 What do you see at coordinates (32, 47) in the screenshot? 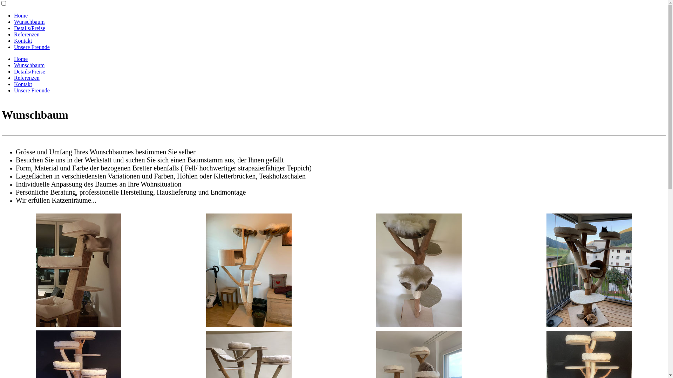
I see `'Unsere Freunde'` at bounding box center [32, 47].